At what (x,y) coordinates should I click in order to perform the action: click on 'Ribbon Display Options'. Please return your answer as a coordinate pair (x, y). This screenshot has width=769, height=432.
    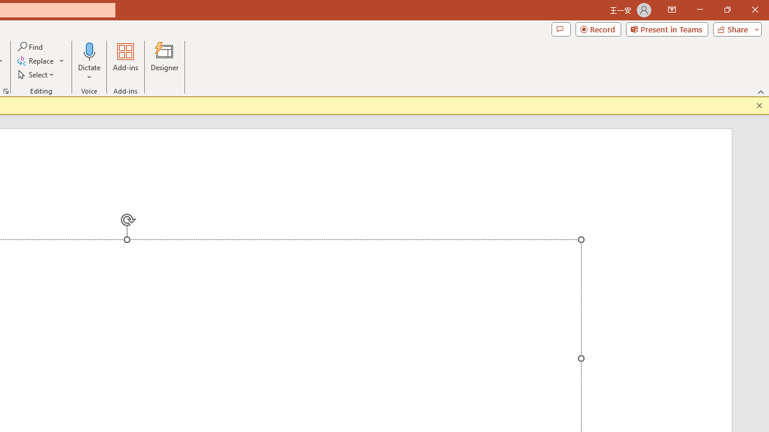
    Looking at the image, I should click on (671, 10).